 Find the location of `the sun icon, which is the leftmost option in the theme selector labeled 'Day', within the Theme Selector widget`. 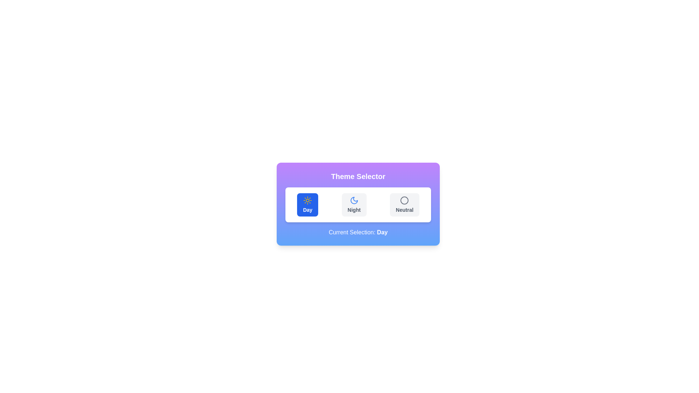

the sun icon, which is the leftmost option in the theme selector labeled 'Day', within the Theme Selector widget is located at coordinates (308, 201).